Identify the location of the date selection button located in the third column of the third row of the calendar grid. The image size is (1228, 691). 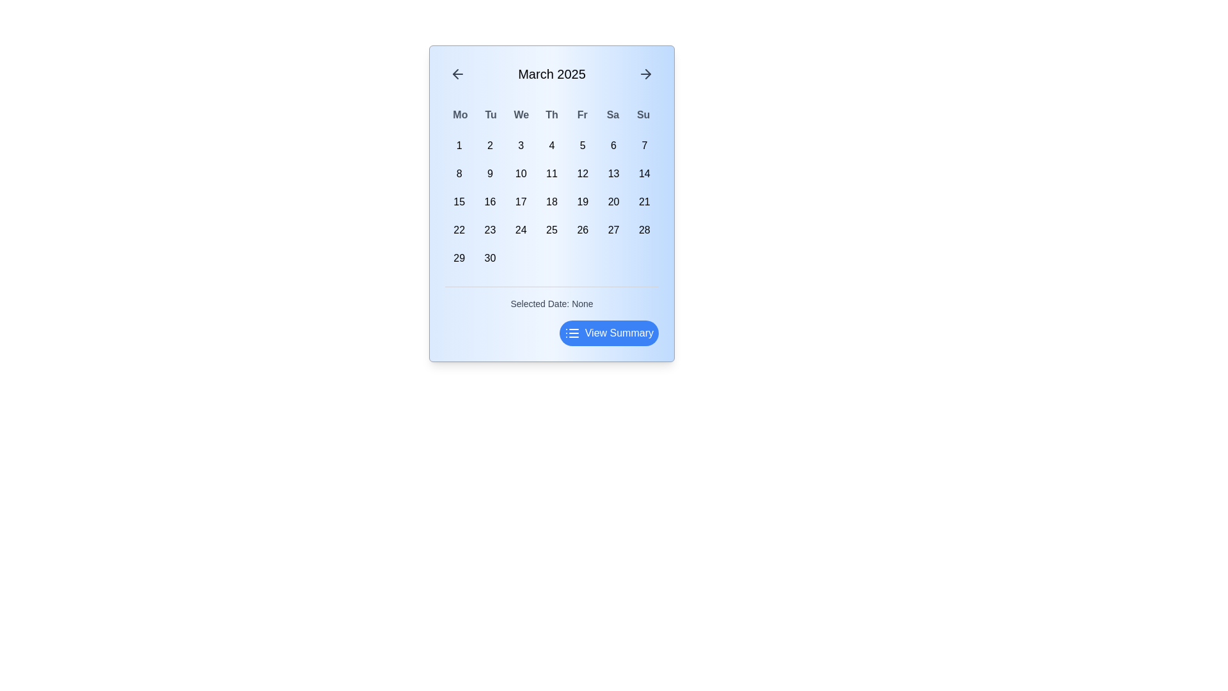
(521, 202).